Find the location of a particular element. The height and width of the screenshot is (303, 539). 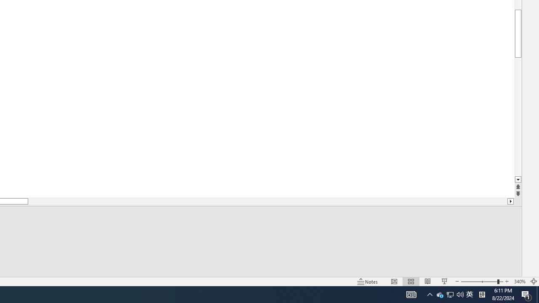

'Zoom 340%' is located at coordinates (519, 282).